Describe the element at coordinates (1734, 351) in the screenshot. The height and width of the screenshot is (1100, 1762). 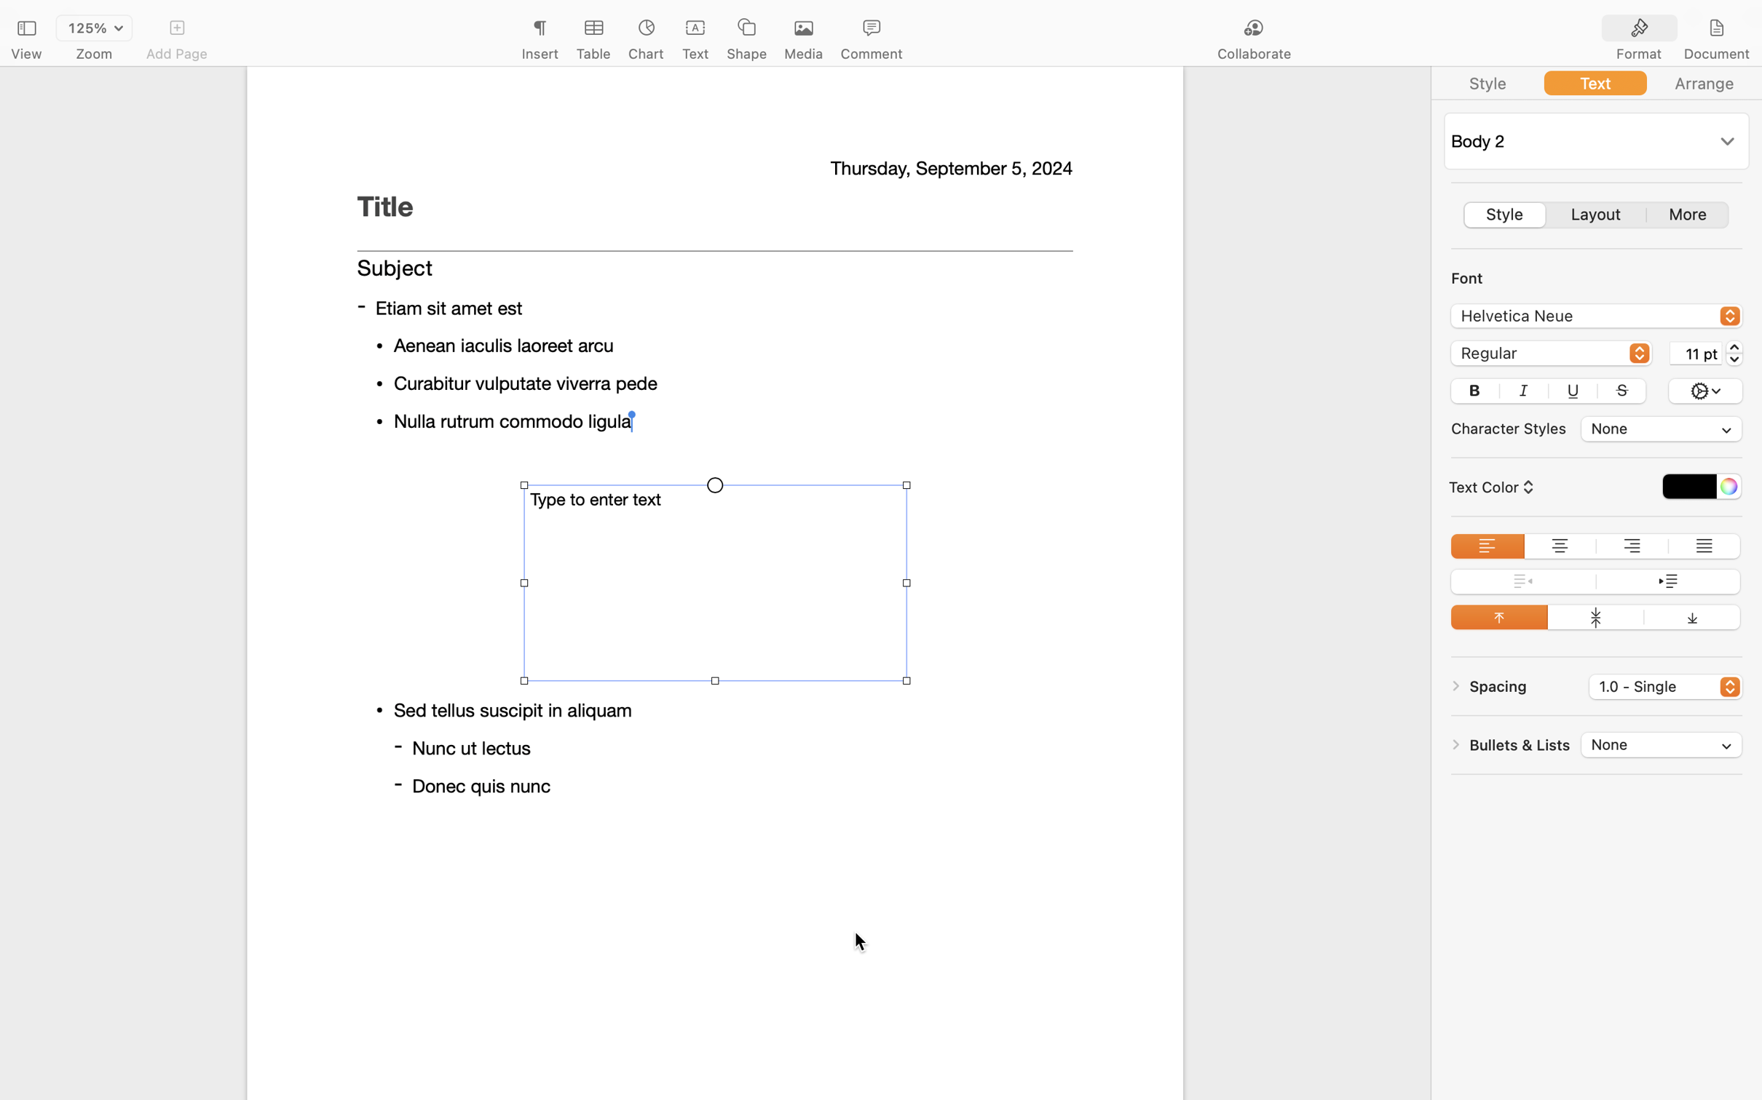
I see `'11.0'` at that location.